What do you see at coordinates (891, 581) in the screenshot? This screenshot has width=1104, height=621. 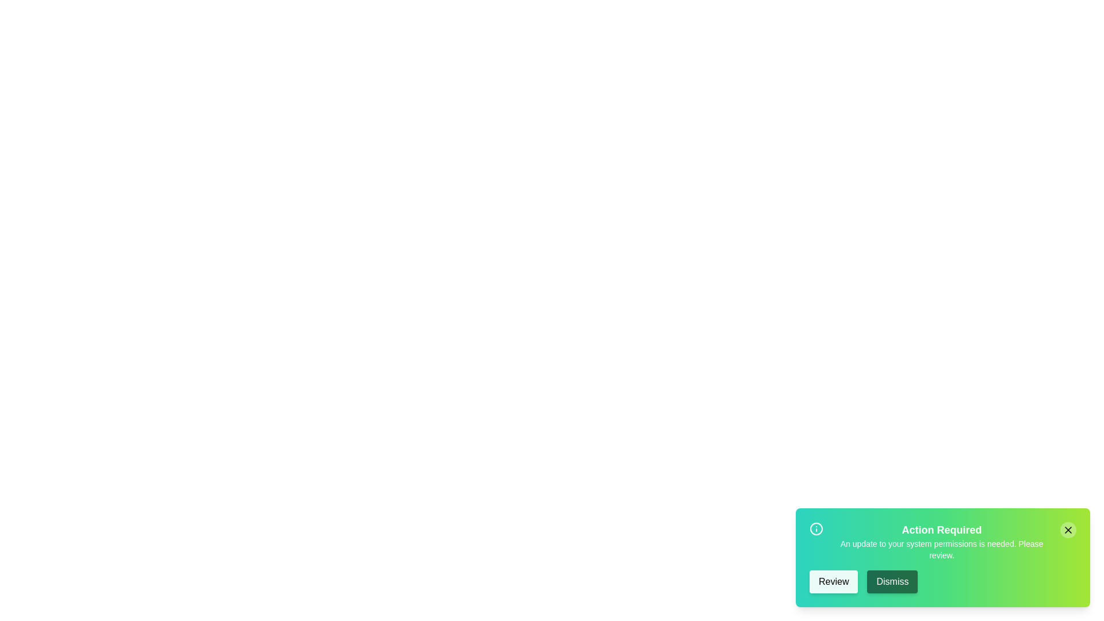 I see `the Dismiss button to observe its hover effect` at bounding box center [891, 581].